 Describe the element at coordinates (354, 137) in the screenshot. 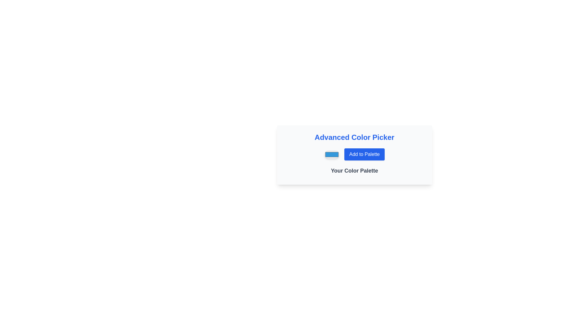

I see `header text labeled 'Advanced Color Picker' which is displayed in bold blue at the top of the panel, centered above the color selector and buttons` at that location.